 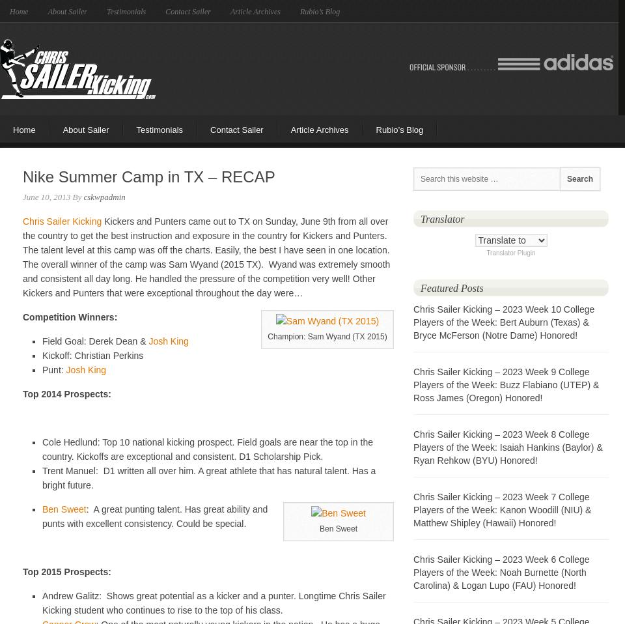 What do you see at coordinates (413, 509) in the screenshot?
I see `'Chris Sailer Kicking – 2023 Week 7 College Players of the Week: Kanon Woodill (NIU) & Matthew Shipley (Hawaii) Honored!'` at bounding box center [413, 509].